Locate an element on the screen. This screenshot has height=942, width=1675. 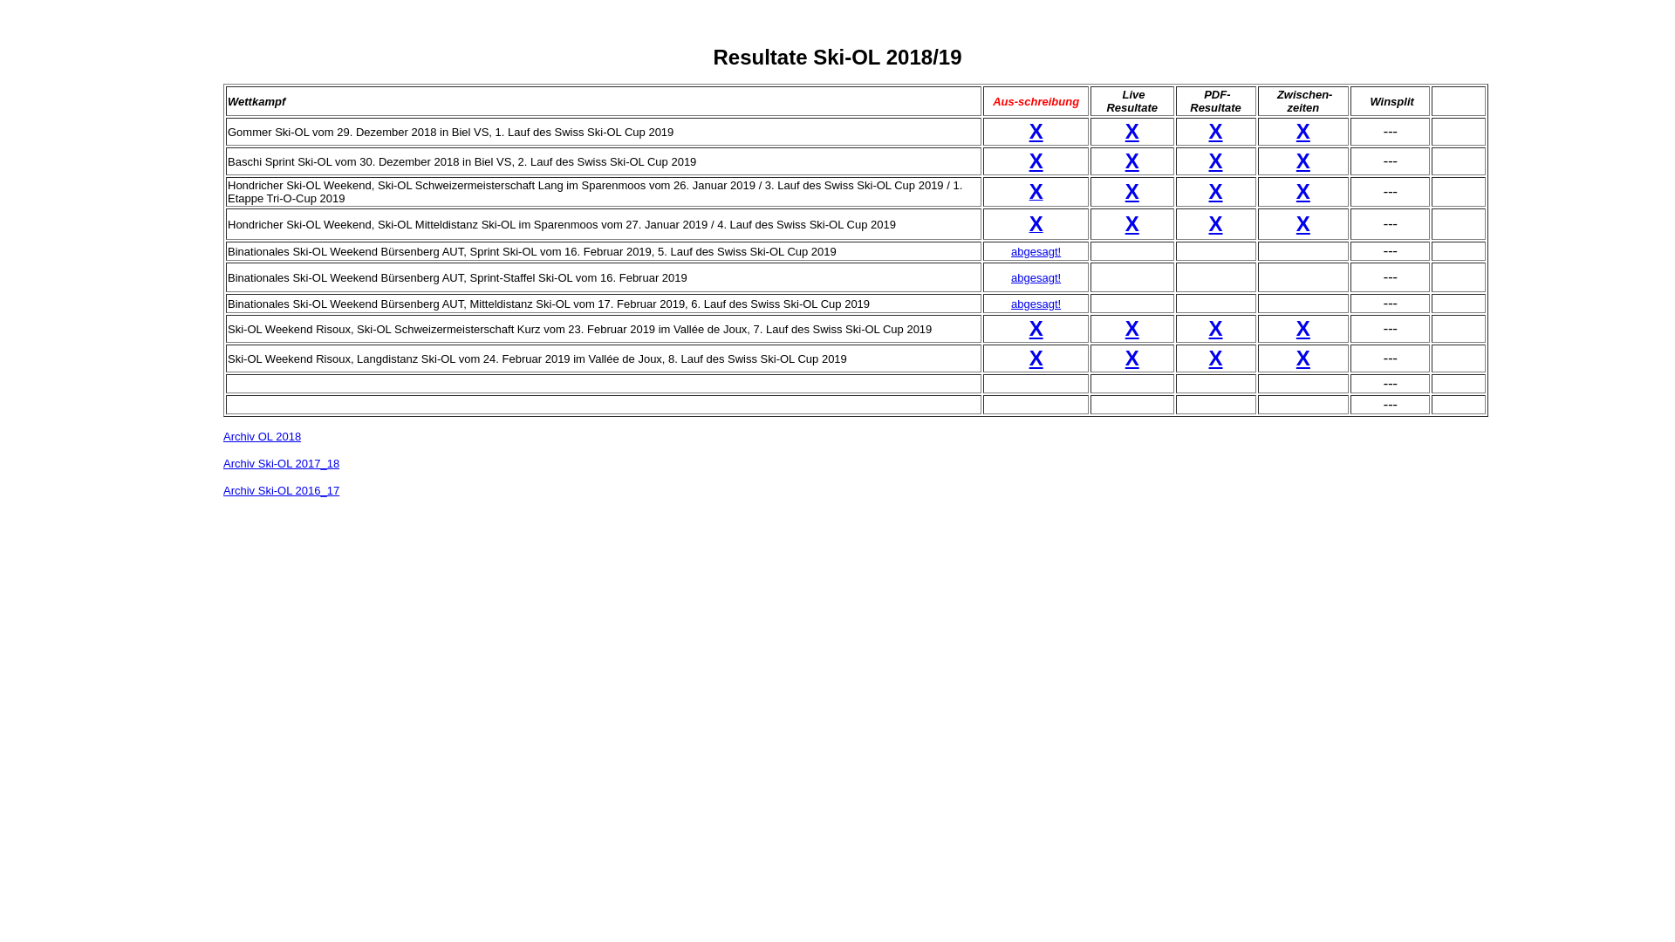
'abgesagt!' is located at coordinates (1036, 276).